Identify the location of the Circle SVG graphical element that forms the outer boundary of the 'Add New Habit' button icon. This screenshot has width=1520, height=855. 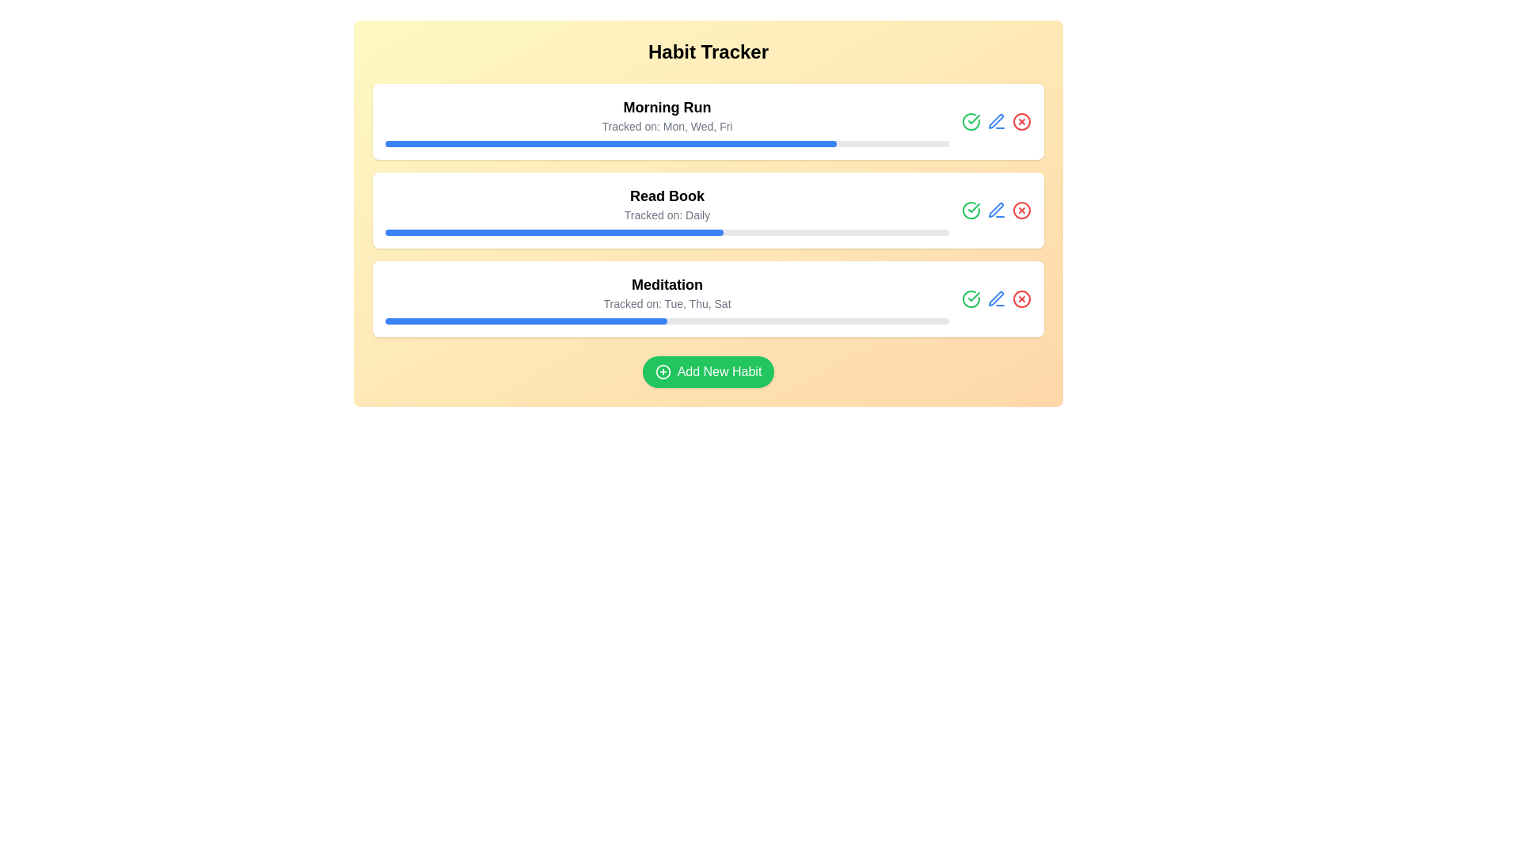
(663, 372).